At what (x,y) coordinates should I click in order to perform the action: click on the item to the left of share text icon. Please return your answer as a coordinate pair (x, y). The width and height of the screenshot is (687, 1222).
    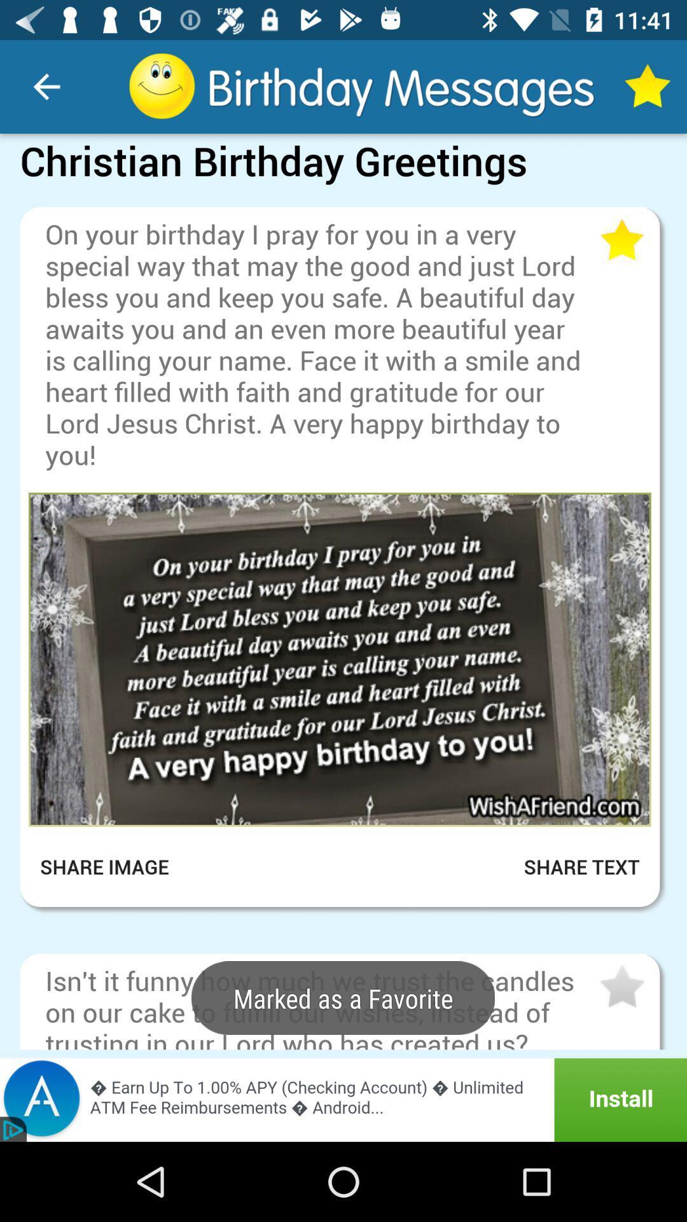
    Looking at the image, I should click on (113, 866).